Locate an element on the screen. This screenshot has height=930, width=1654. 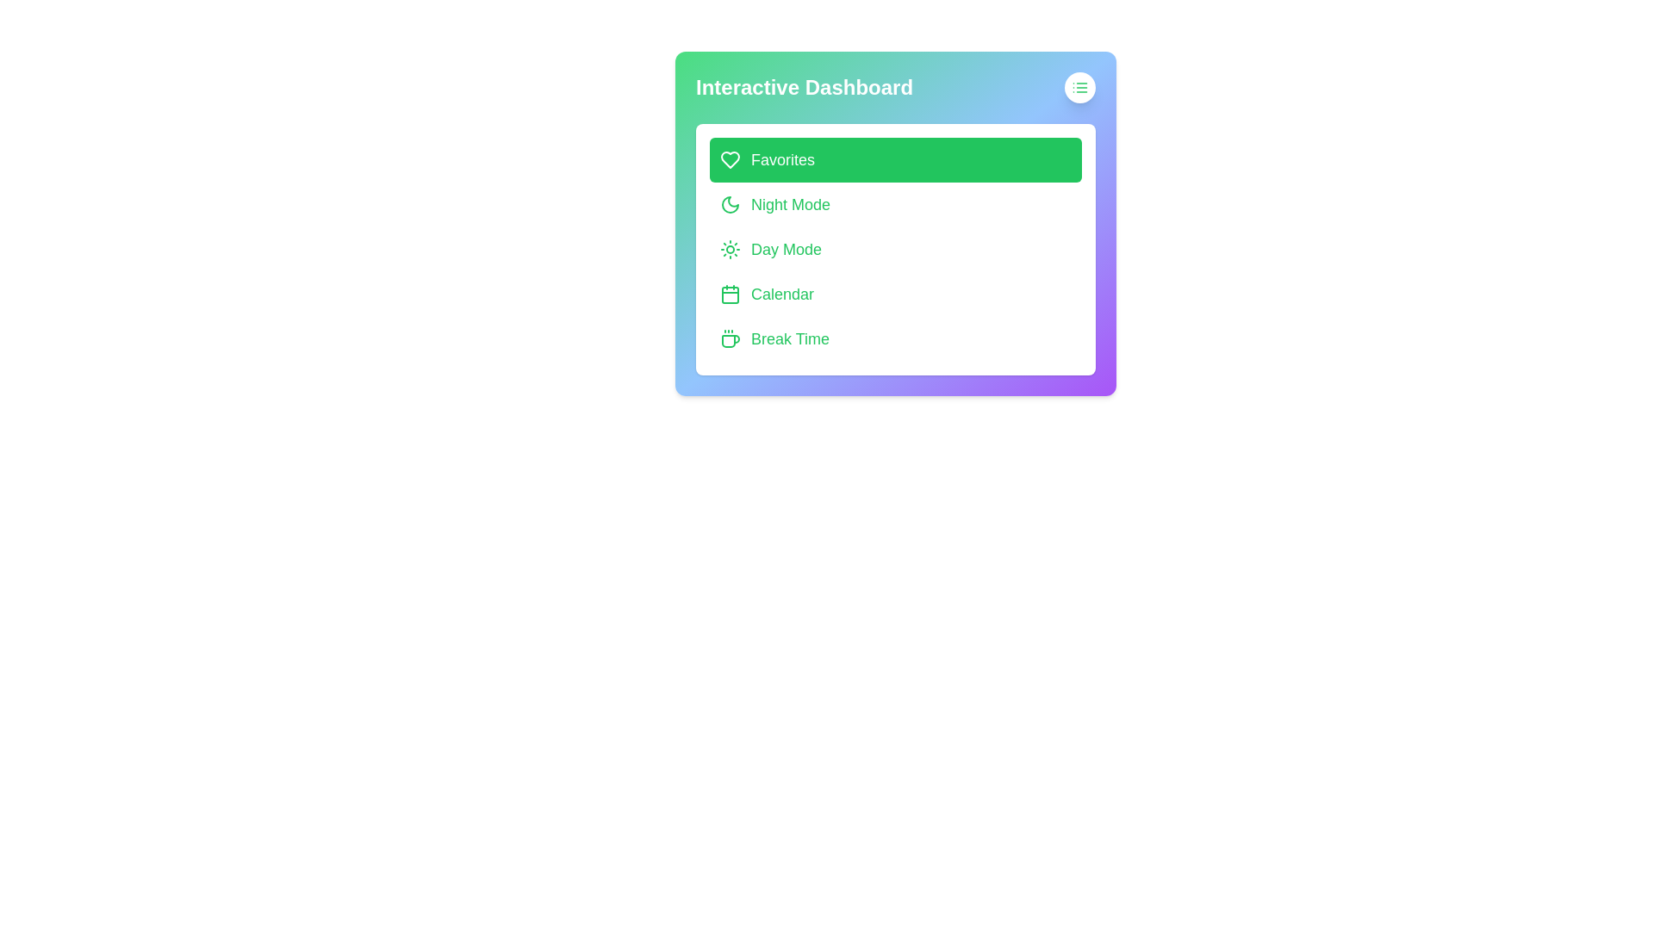
the menu item Day Mode to observe its hover effect is located at coordinates (896, 249).